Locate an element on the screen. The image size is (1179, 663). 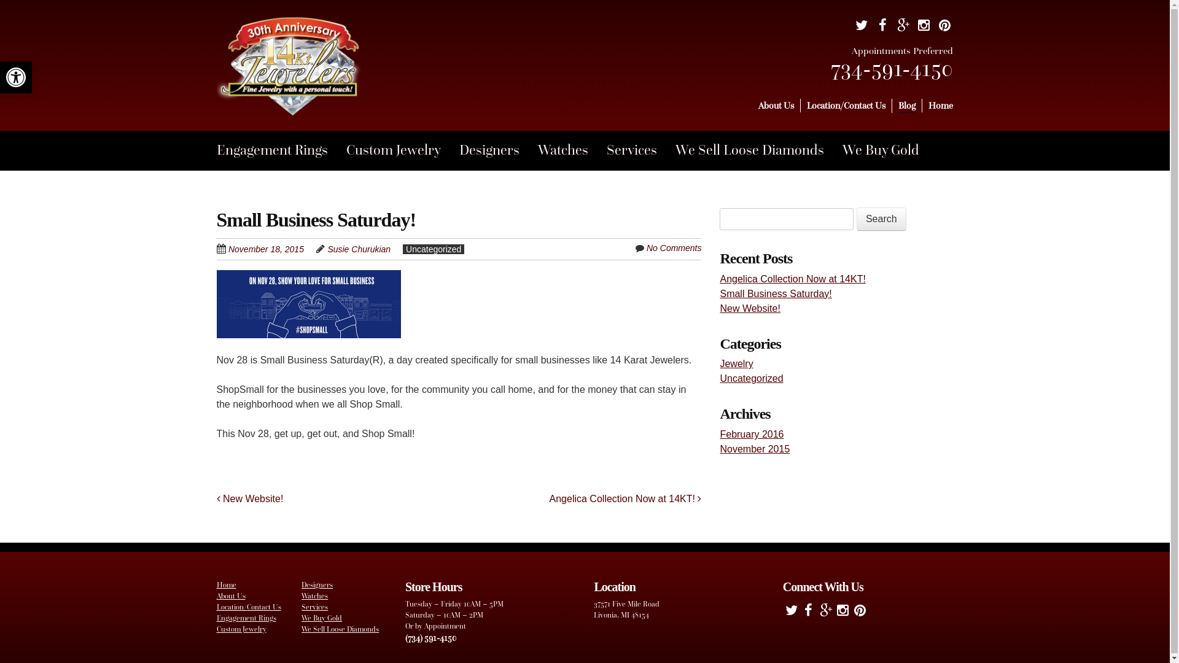
'Watches' is located at coordinates (314, 595).